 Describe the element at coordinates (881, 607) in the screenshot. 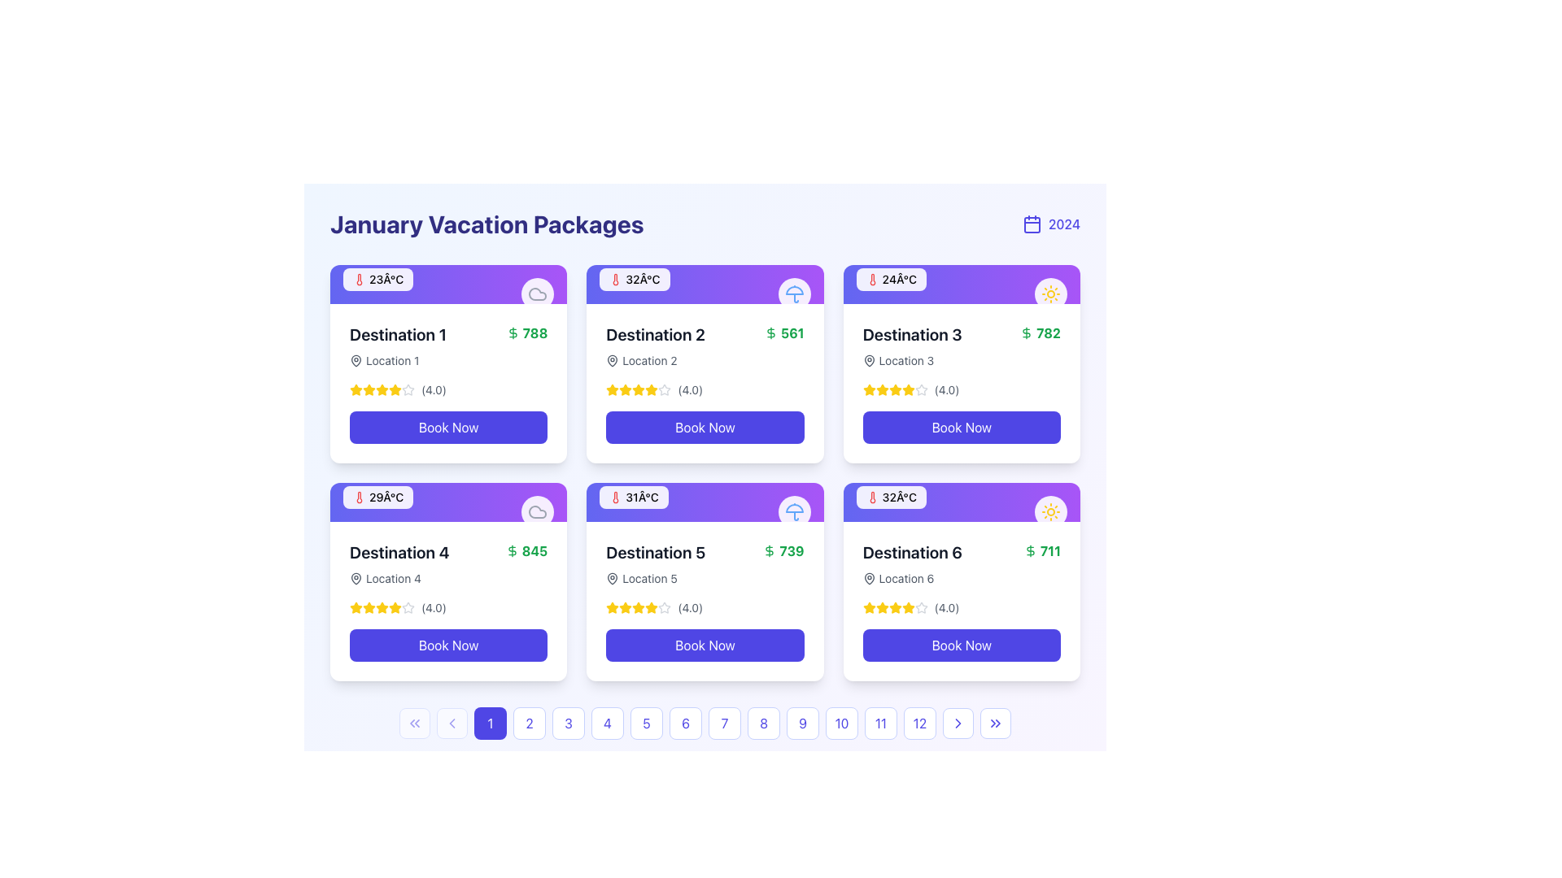

I see `the fifth star icon in the rating section of the 'Destination 6' card to rate it` at that location.